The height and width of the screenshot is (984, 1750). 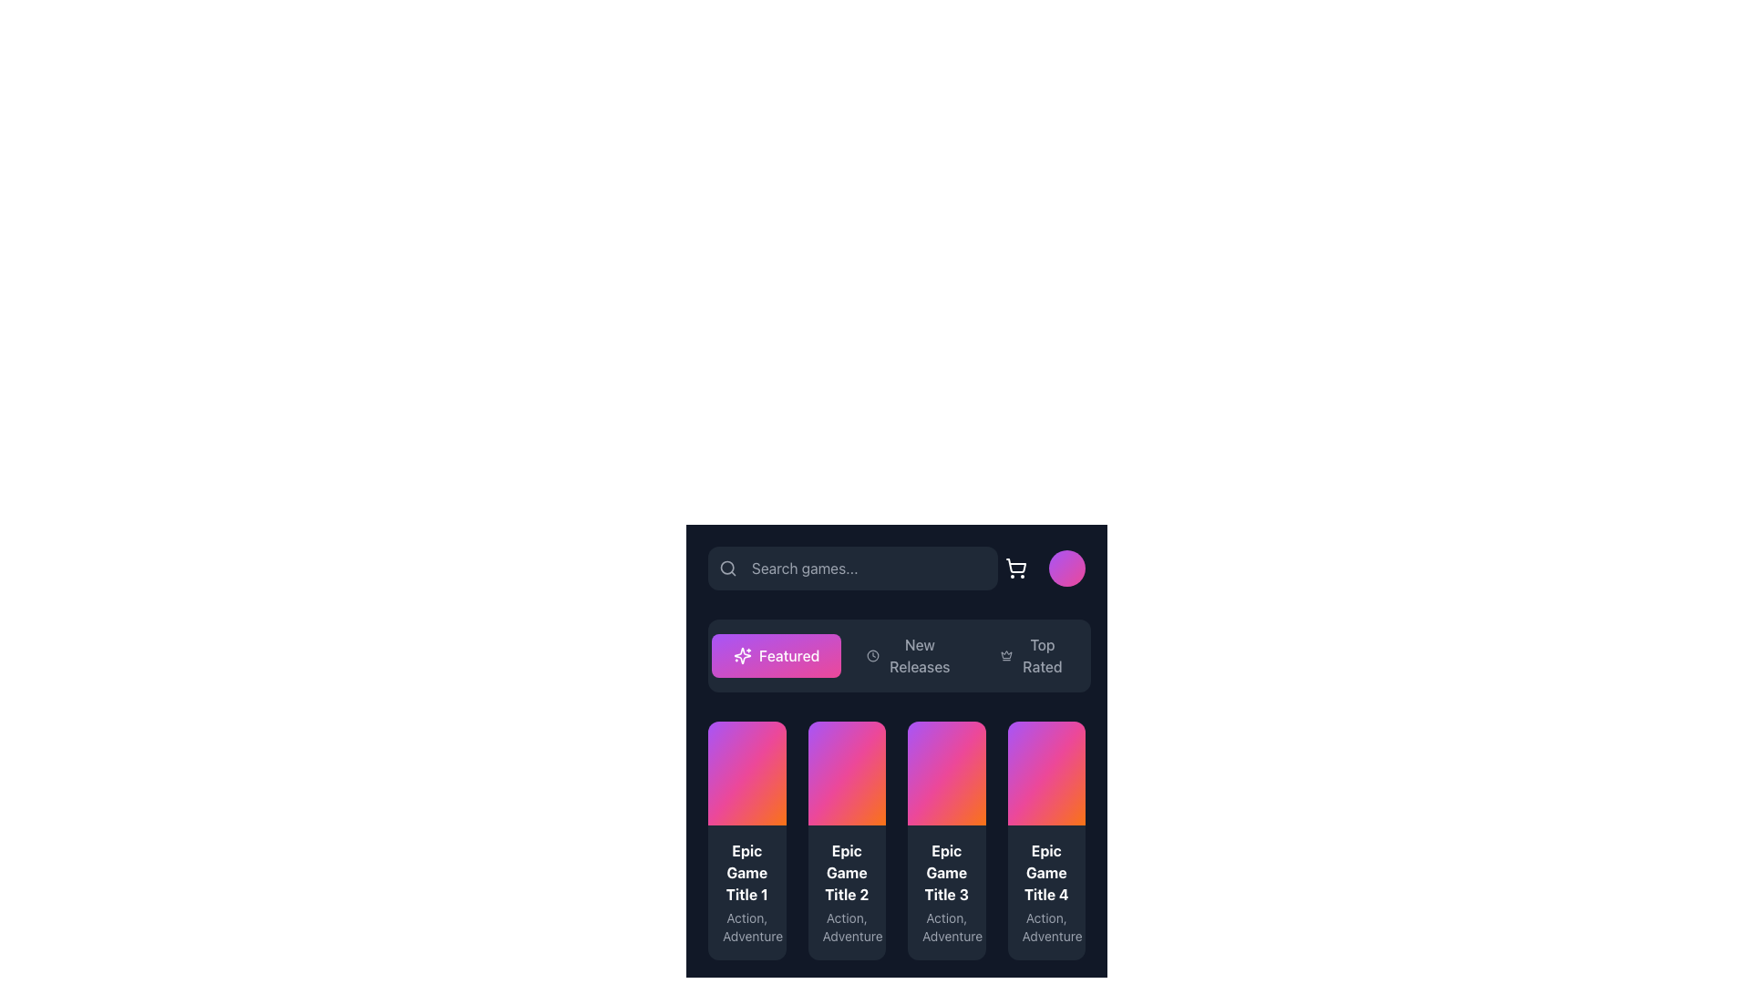 What do you see at coordinates (896, 740) in the screenshot?
I see `the third game card in the grid layout` at bounding box center [896, 740].